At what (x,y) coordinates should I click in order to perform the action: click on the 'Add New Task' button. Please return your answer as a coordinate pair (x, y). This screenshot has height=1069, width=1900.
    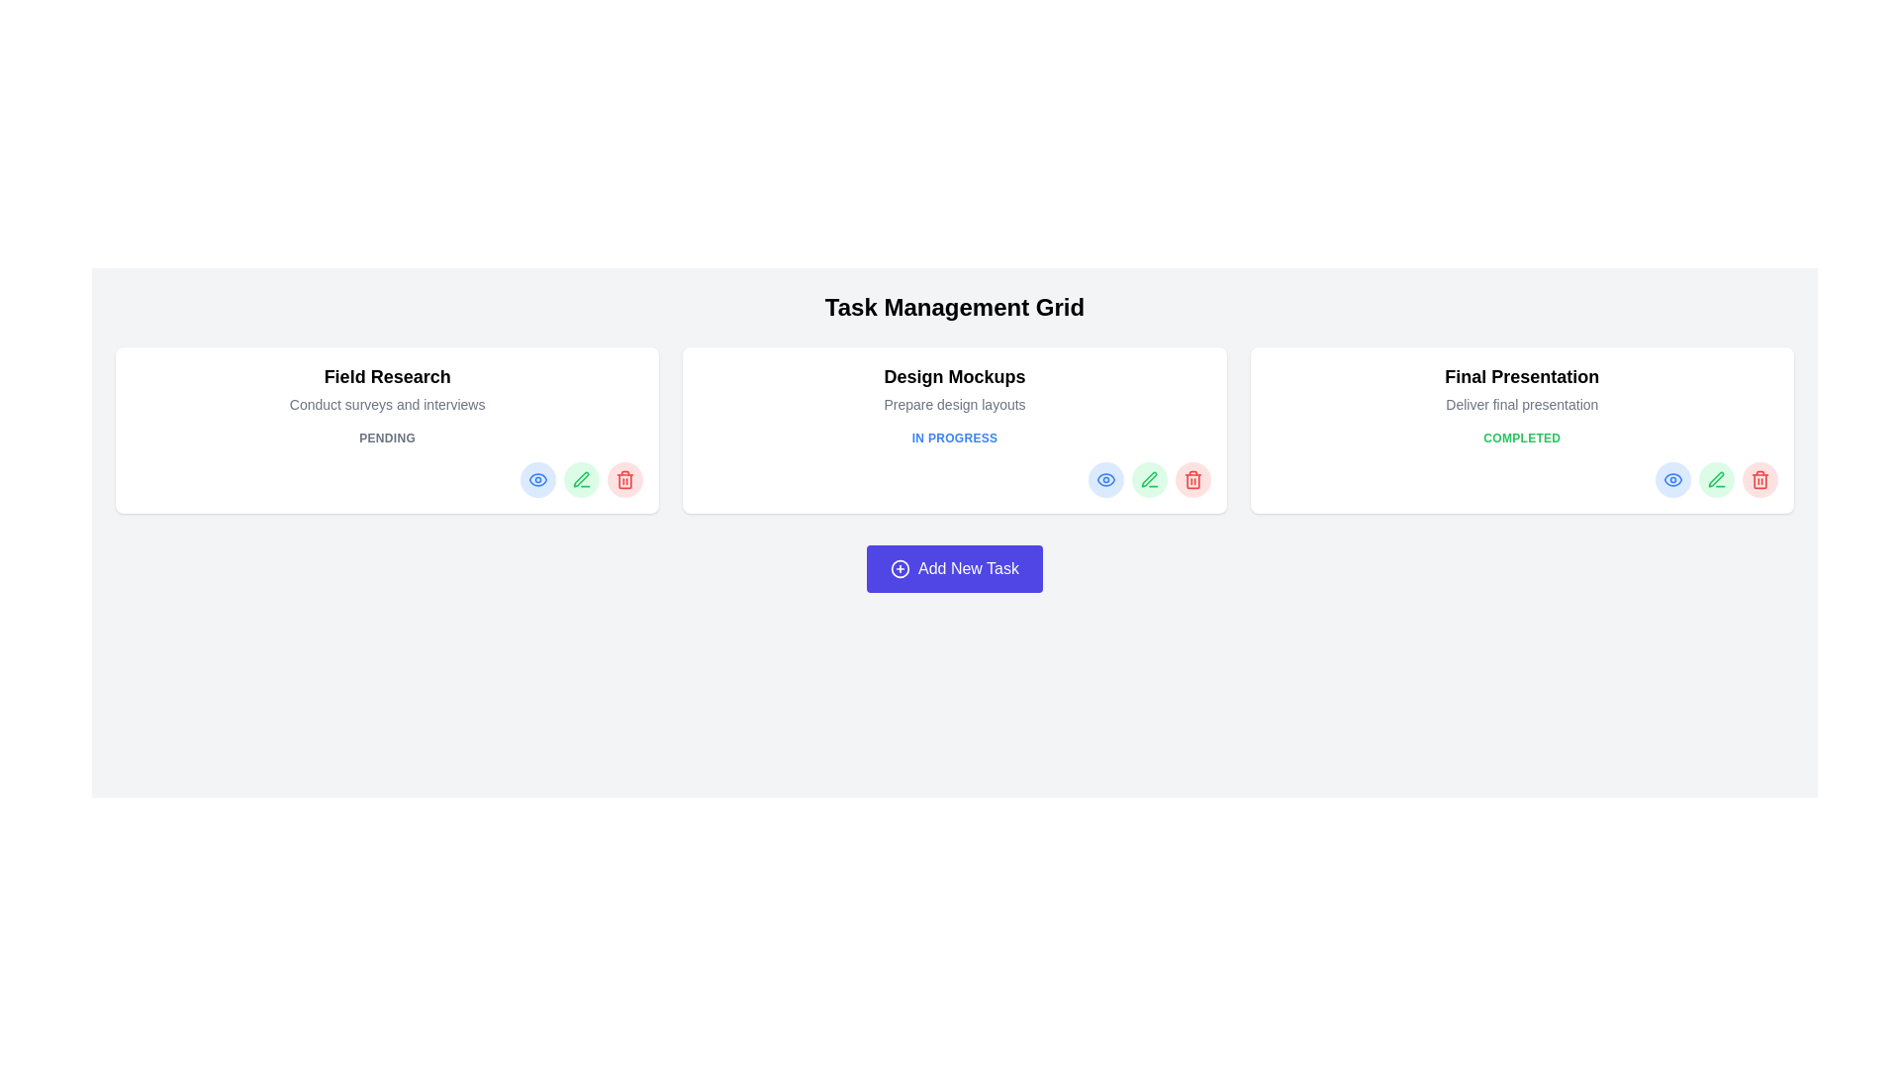
    Looking at the image, I should click on (954, 568).